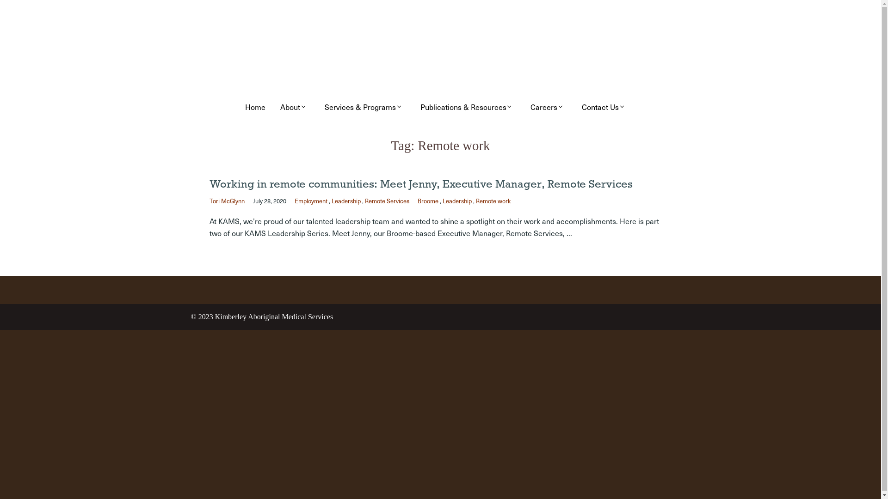 This screenshot has height=499, width=888. What do you see at coordinates (364, 106) in the screenshot?
I see `'Services & Programs'` at bounding box center [364, 106].